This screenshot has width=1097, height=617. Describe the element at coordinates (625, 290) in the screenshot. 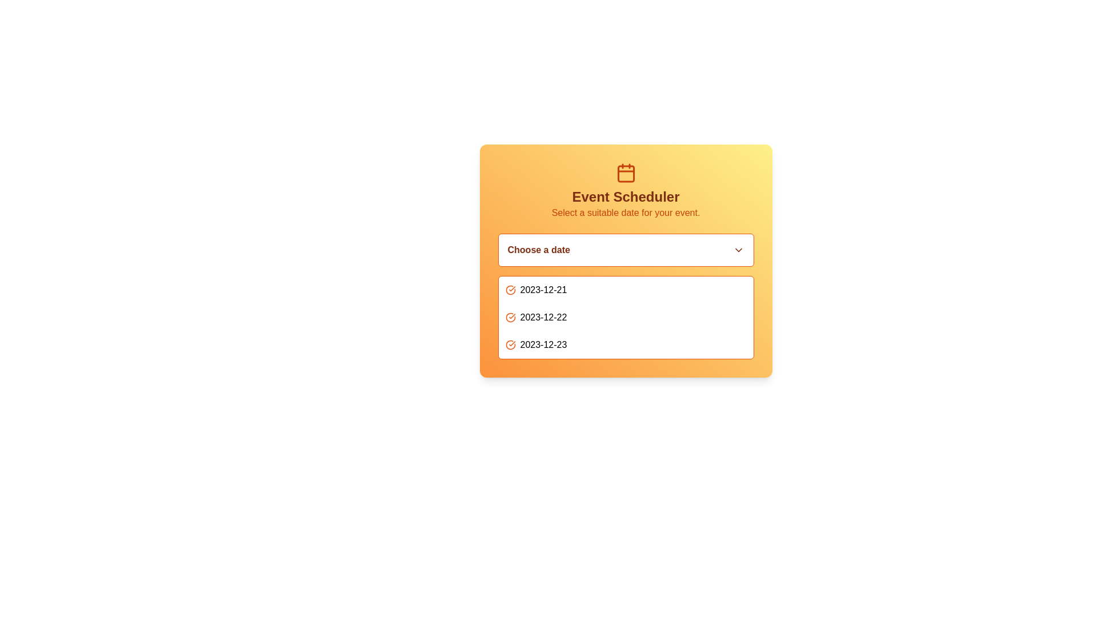

I see `the selectable list item displaying the date '2023-12-21'` at that location.